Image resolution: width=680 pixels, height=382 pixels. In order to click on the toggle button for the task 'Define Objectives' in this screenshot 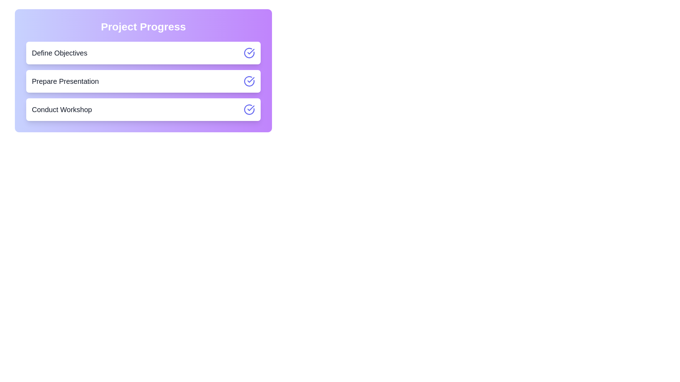, I will do `click(249, 53)`.